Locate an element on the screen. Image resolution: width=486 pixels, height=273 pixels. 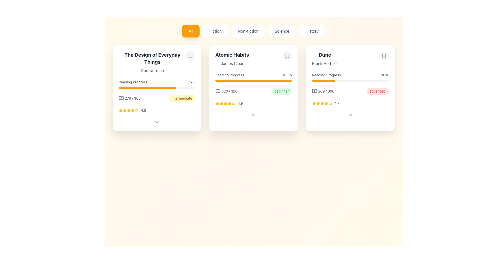
the visual progress of the reading completion for the book 'Dune' represented by the progress bar located in the middle section of the 'Dune' card, just above the text showing the number of pages and difficulty level is located at coordinates (350, 77).